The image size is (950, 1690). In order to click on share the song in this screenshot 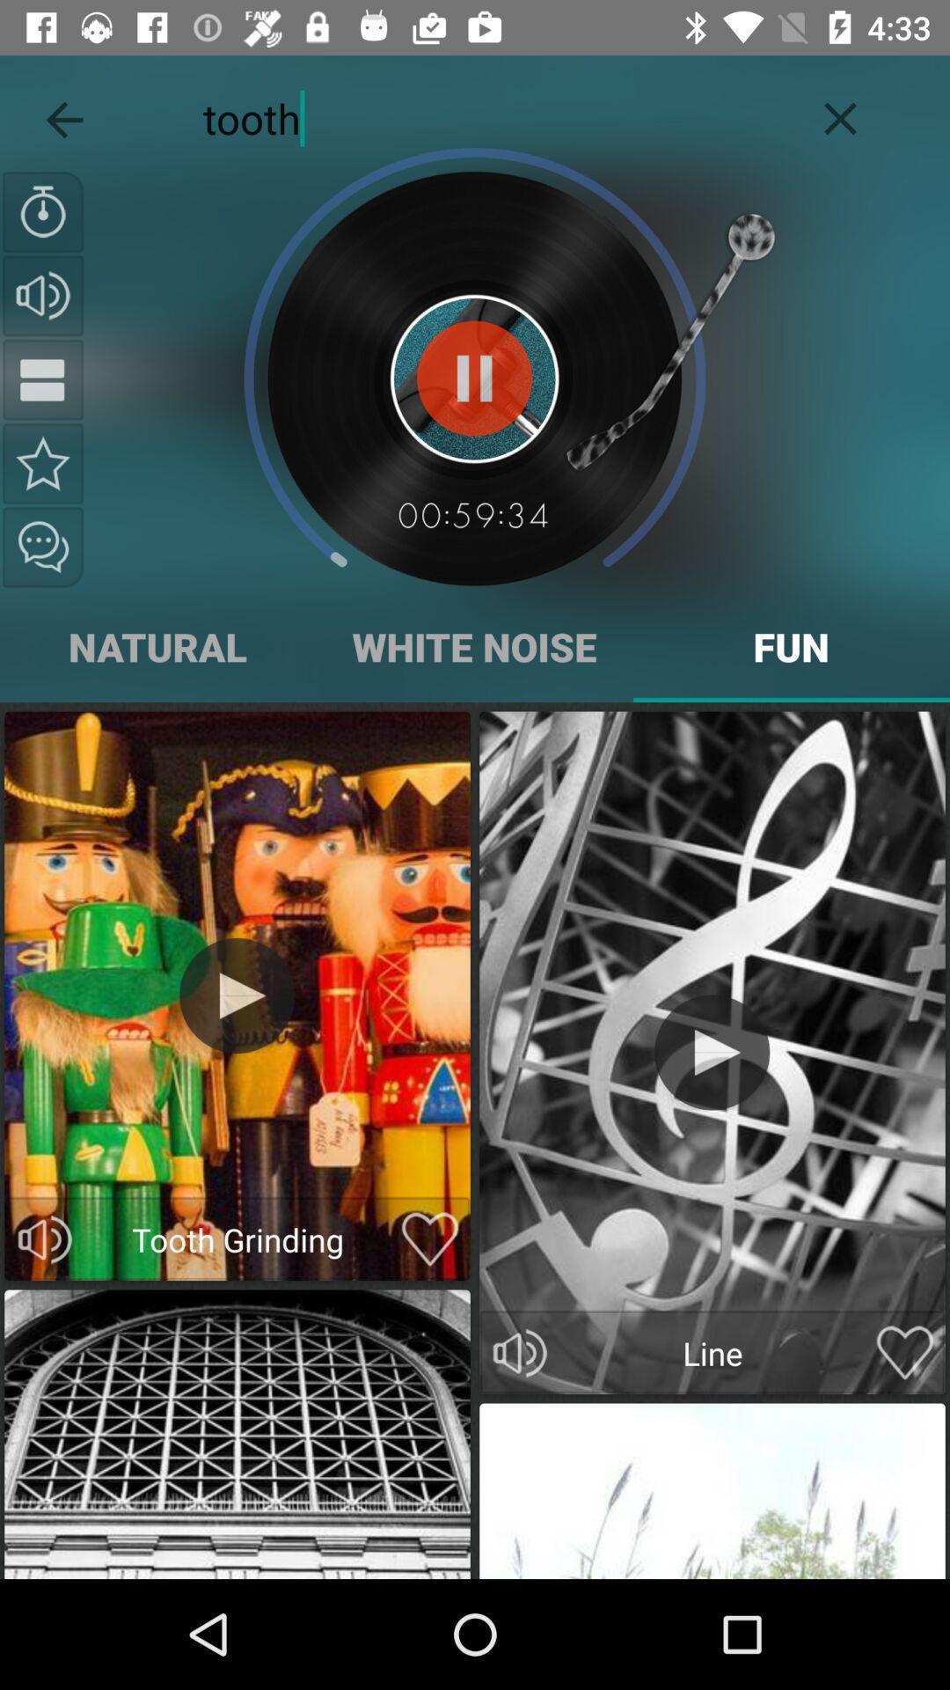, I will do `click(42, 547)`.